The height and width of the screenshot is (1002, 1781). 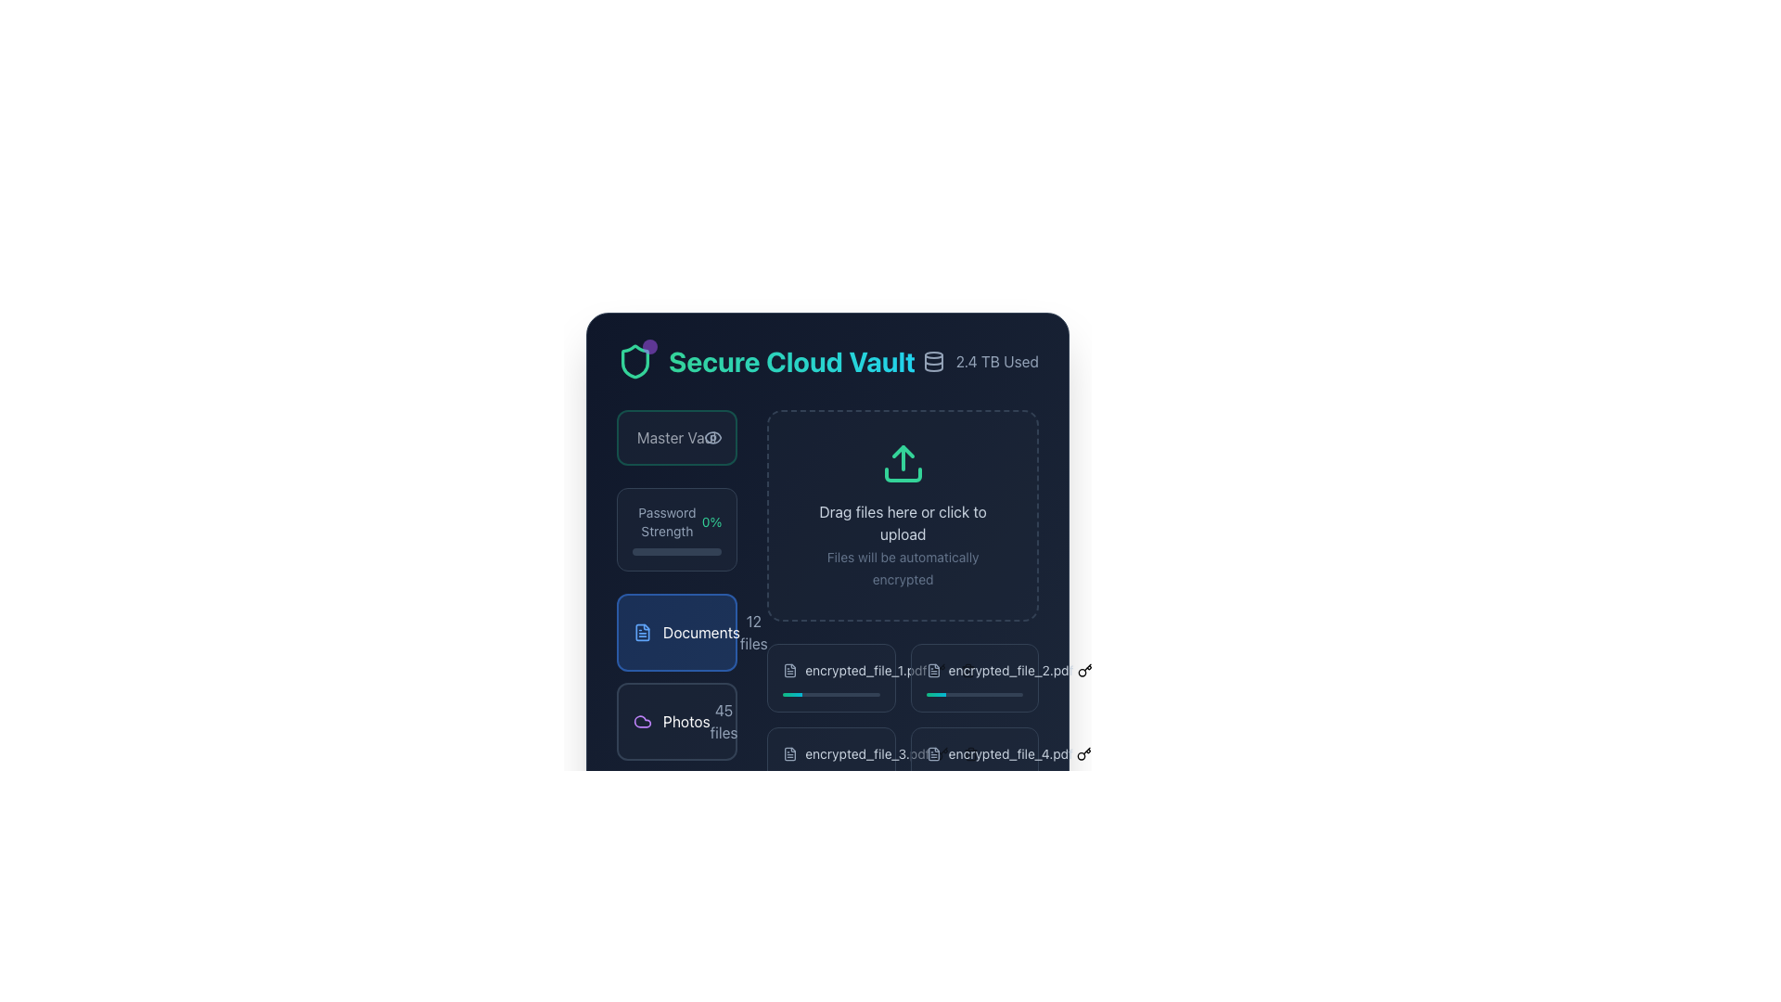 What do you see at coordinates (676, 632) in the screenshot?
I see `the 'Documents' category card, which has a blue background and a file document icon` at bounding box center [676, 632].